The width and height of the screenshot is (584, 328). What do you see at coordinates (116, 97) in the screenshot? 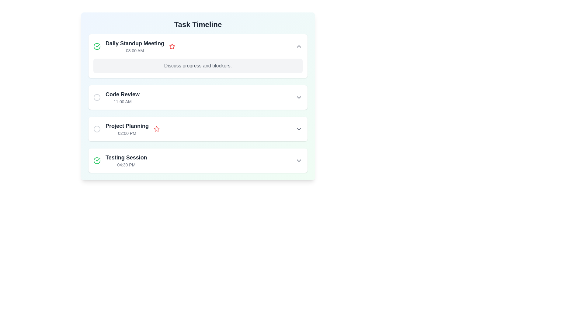
I see `the timeline entry displaying 'Code Review'` at bounding box center [116, 97].